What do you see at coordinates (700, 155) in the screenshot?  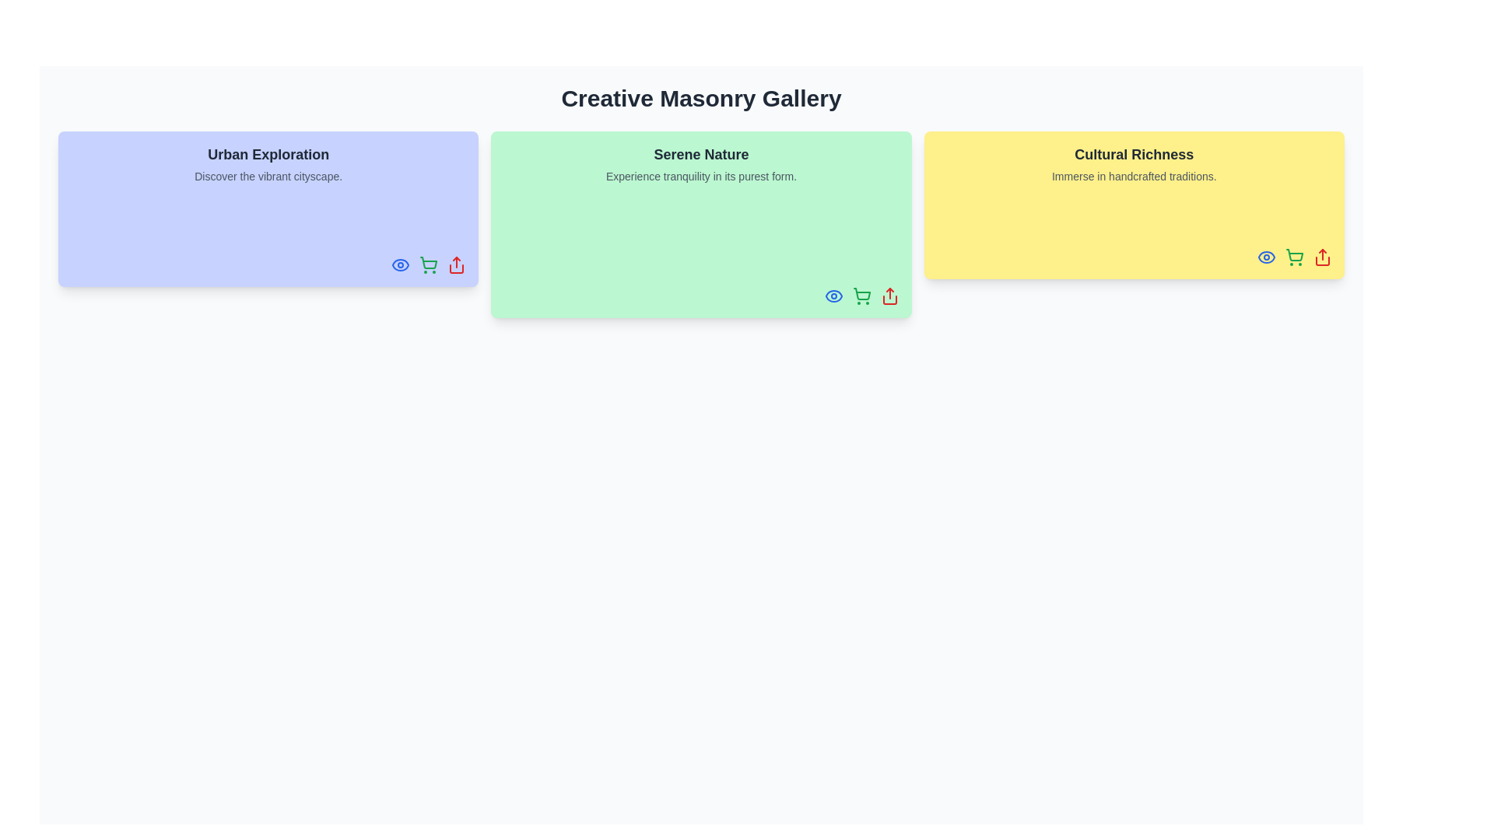 I see `the label or header text at the top-center of the green card, which describes the card's theme and is positioned above the sibling text 'Experience tranquility in its purest form.'` at bounding box center [700, 155].